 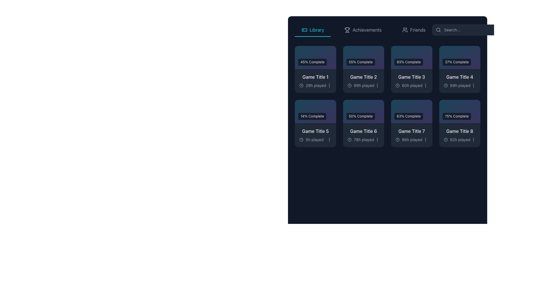 I want to click on the Progress indicator card displaying '37% Complete', which is located in the top-right corner of the grid layout, so click(x=460, y=57).